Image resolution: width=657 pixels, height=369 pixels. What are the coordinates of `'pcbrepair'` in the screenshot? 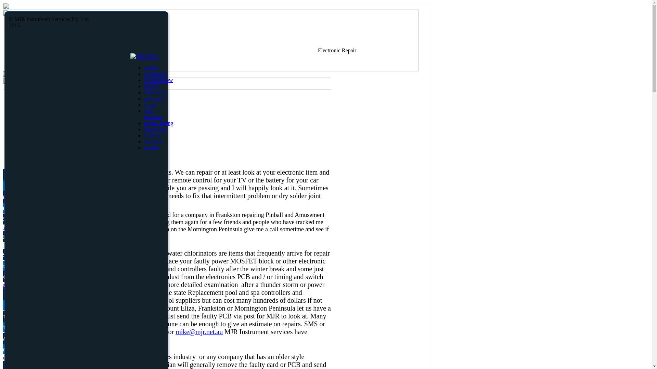 It's located at (154, 98).